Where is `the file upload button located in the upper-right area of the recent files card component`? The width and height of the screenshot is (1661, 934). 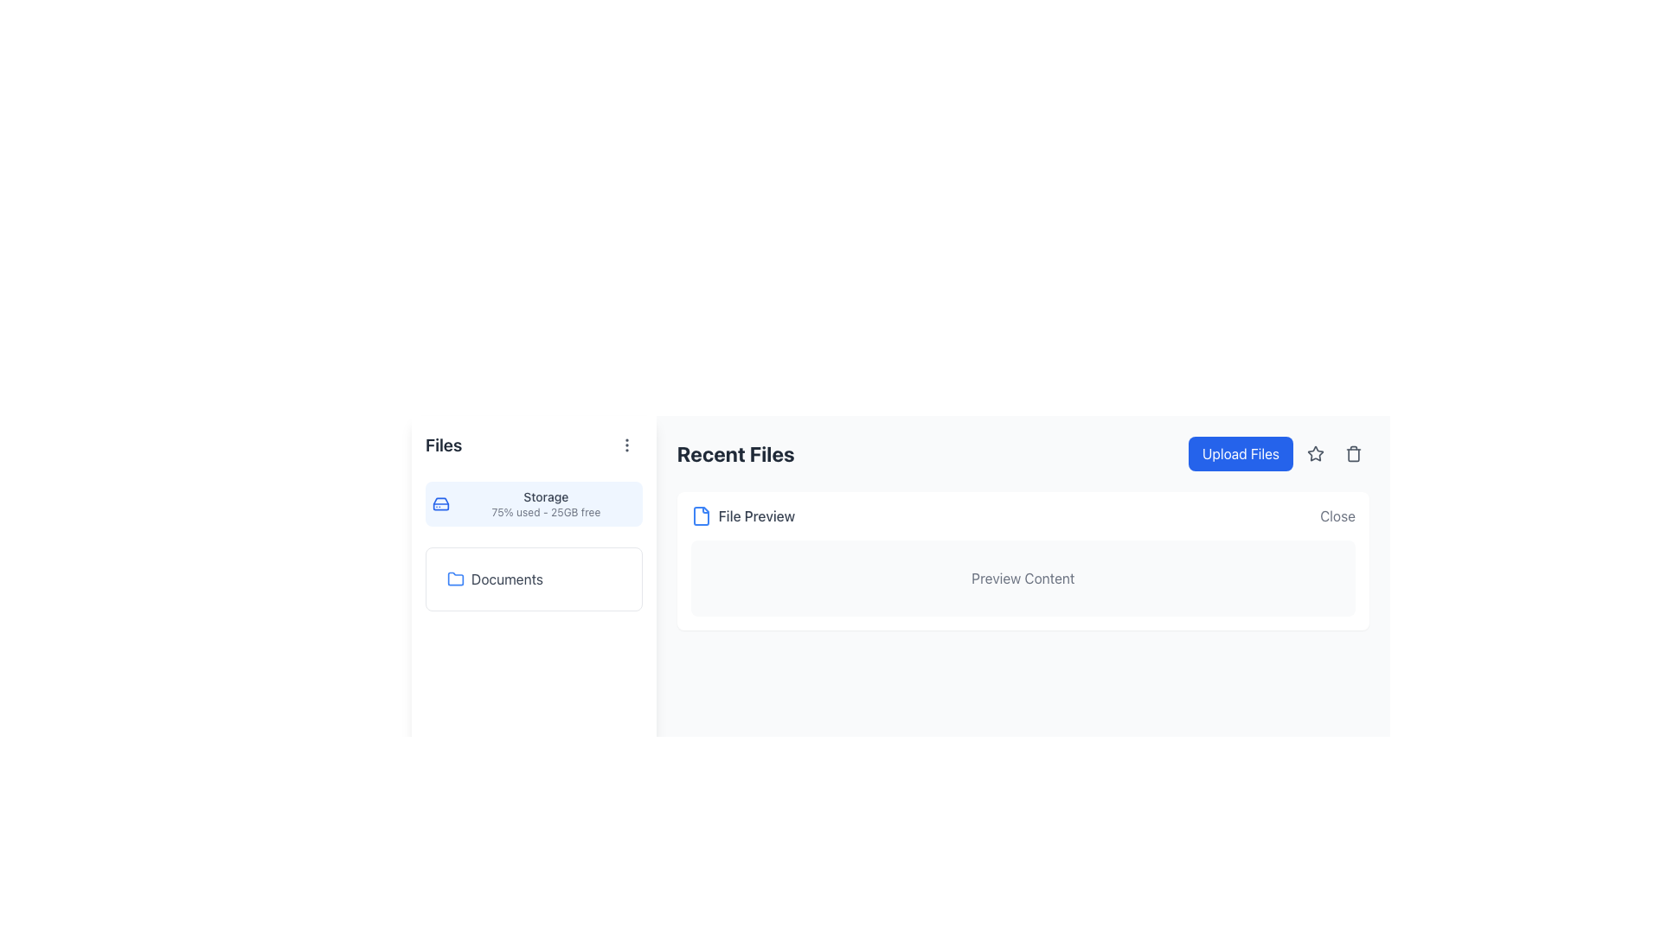
the file upload button located in the upper-right area of the recent files card component is located at coordinates (1240, 452).